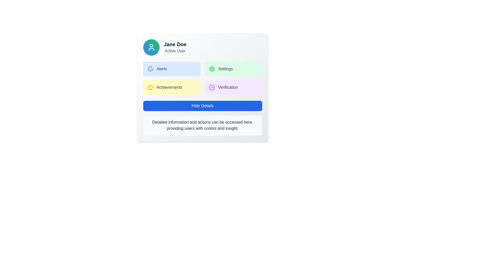 Image resolution: width=492 pixels, height=277 pixels. I want to click on the stylized checkmark icon element within the SVG component, which is located in the top-left region of the user interface, above the user's name and profile information, so click(213, 86).